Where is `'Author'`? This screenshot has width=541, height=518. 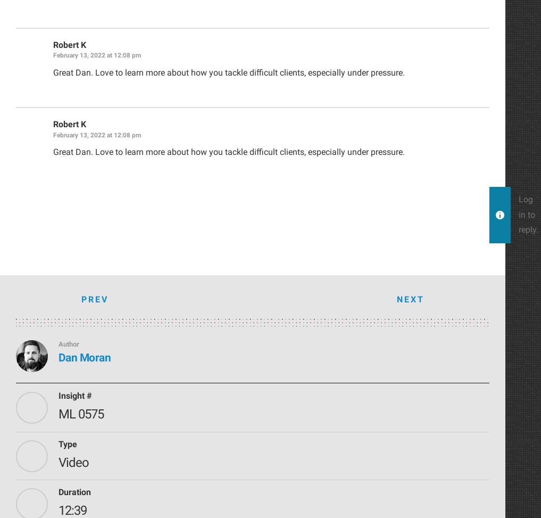 'Author' is located at coordinates (59, 343).